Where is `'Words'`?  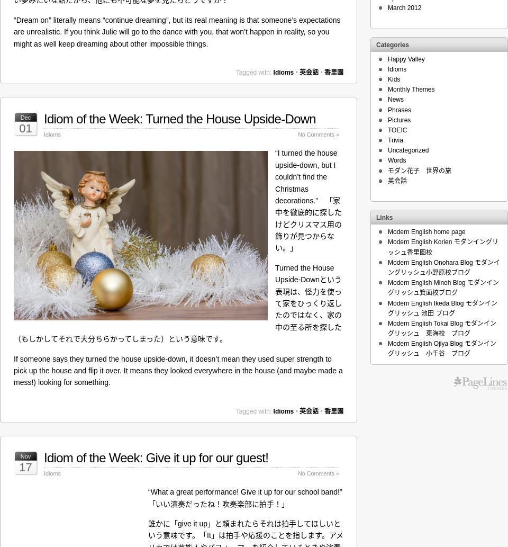 'Words' is located at coordinates (396, 159).